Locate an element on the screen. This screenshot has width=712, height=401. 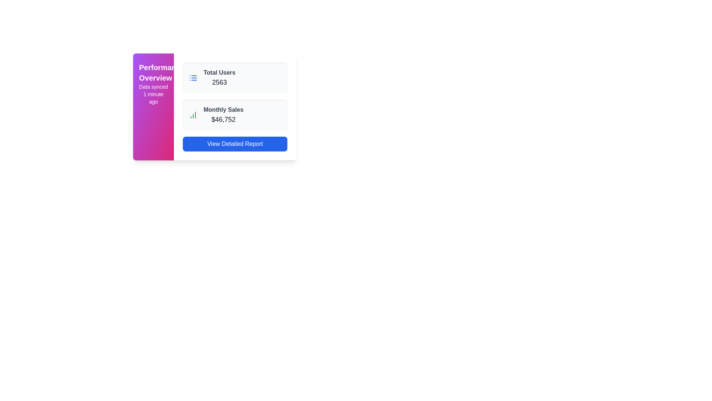
information displayed on the text label that states 'Data synced 1 minute ago', which is located below the 'Performance Overview' header and has a subtle font style is located at coordinates (153, 94).